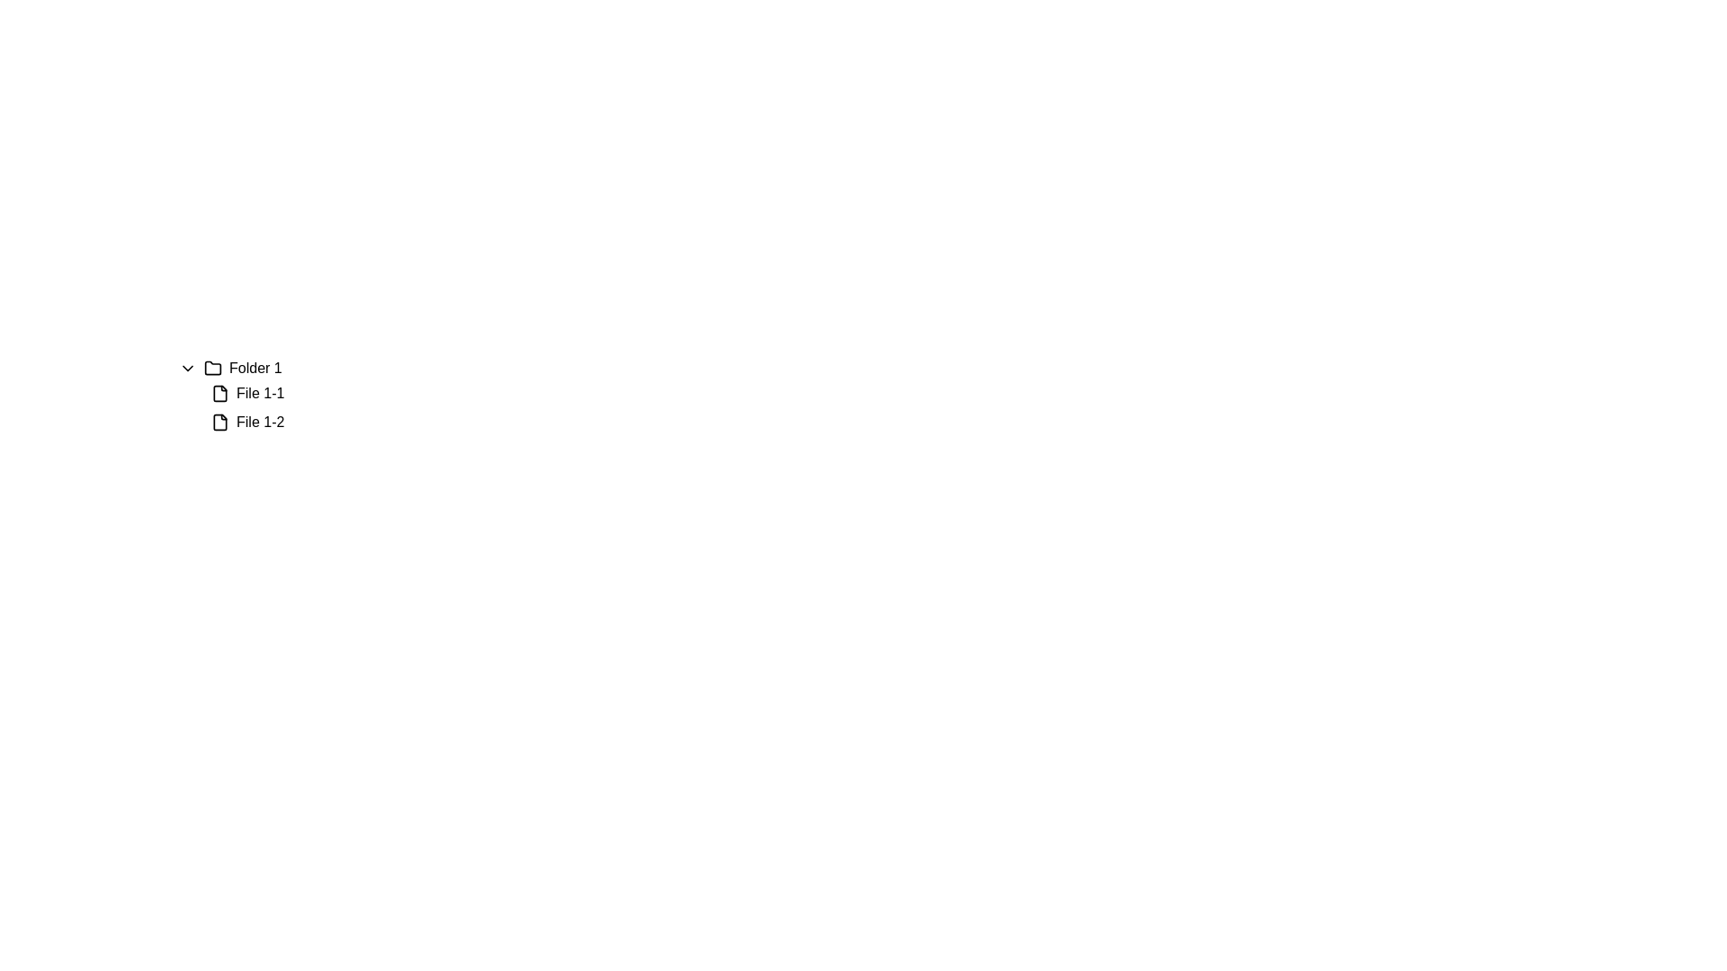  I want to click on the folder icon next to the text labeled 'Folder 1', so click(212, 366).